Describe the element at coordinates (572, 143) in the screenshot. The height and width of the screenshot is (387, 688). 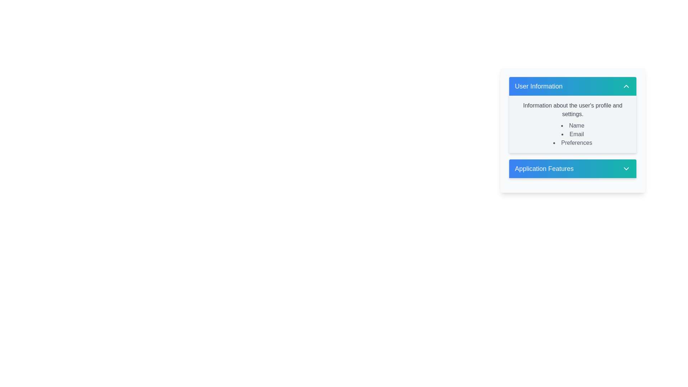
I see `the 'Preferences' text label, which is the last item in the vertical list under the 'User Information' section, displayed in light gray font` at that location.